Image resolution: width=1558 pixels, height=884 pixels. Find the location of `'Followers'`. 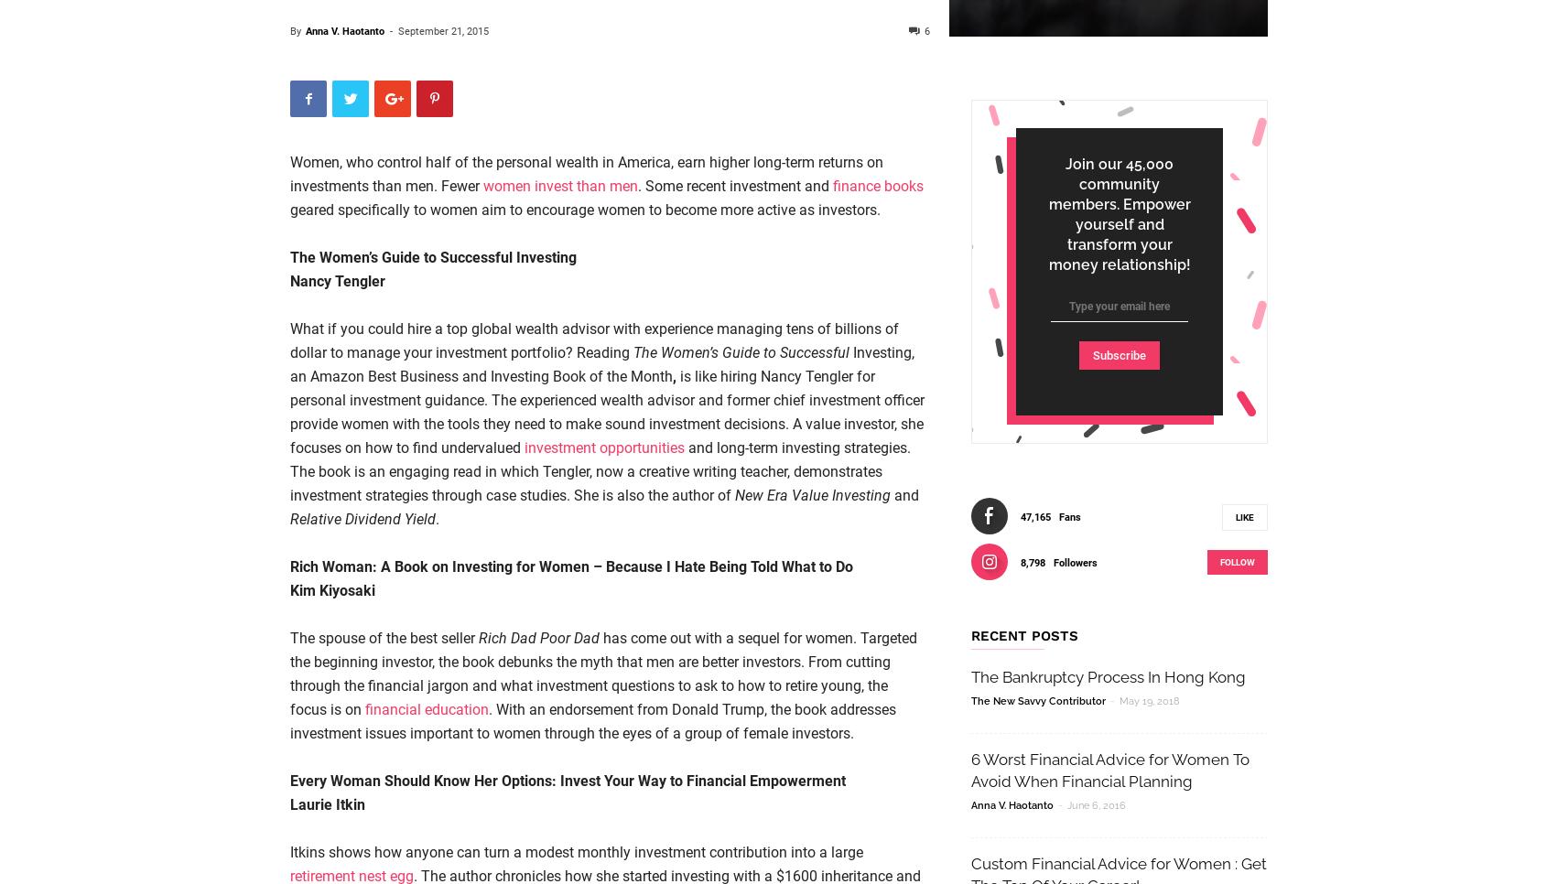

'Followers' is located at coordinates (1076, 563).